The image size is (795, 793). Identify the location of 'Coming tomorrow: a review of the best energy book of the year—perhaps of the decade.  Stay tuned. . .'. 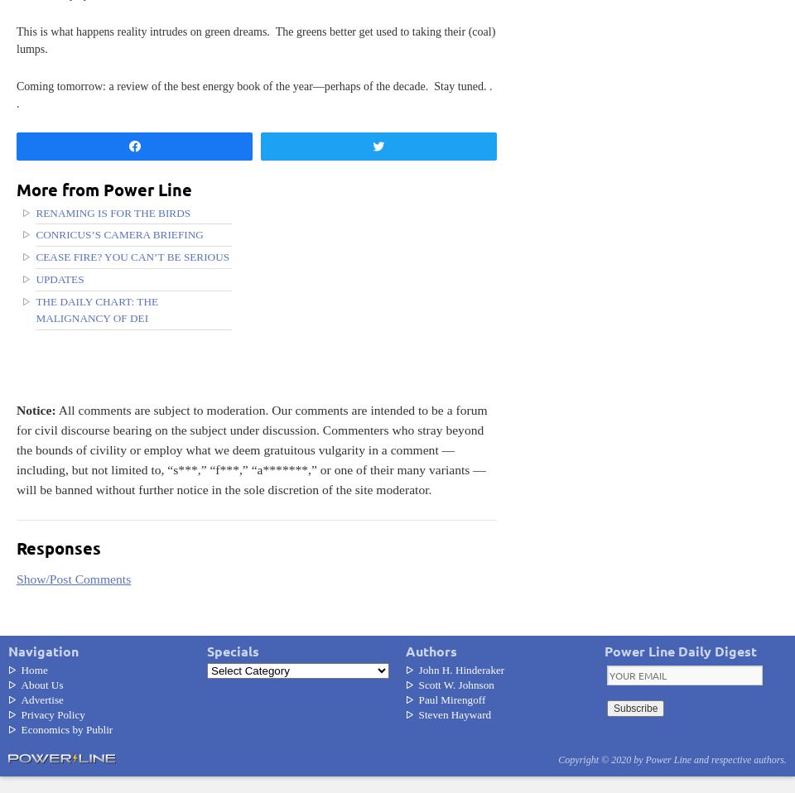
(254, 94).